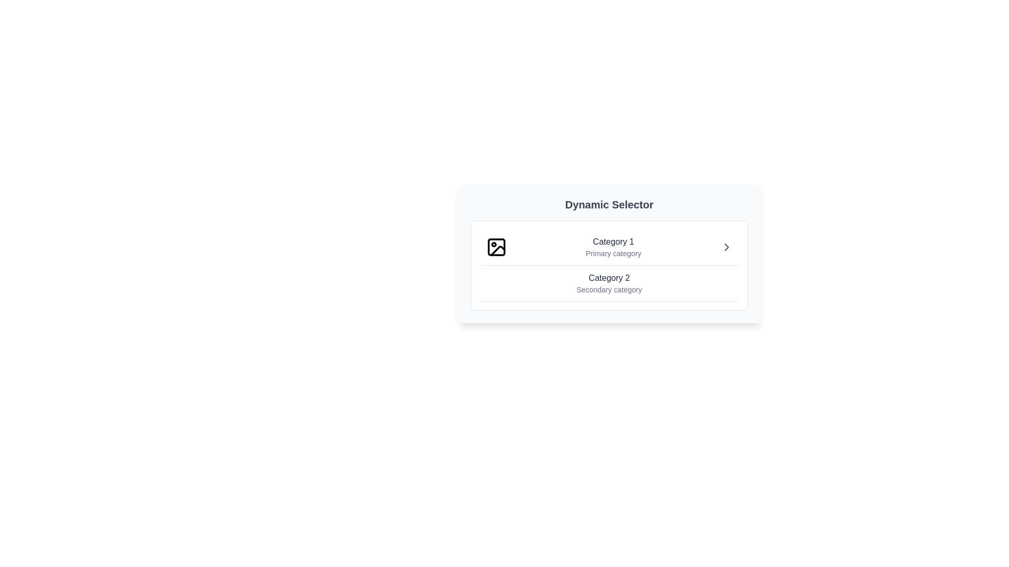 This screenshot has height=567, width=1009. Describe the element at coordinates (609, 289) in the screenshot. I see `the text label providing additional information about the 'Category 2' option in the selection interface, located directly beneath the 'Category 2' text` at that location.